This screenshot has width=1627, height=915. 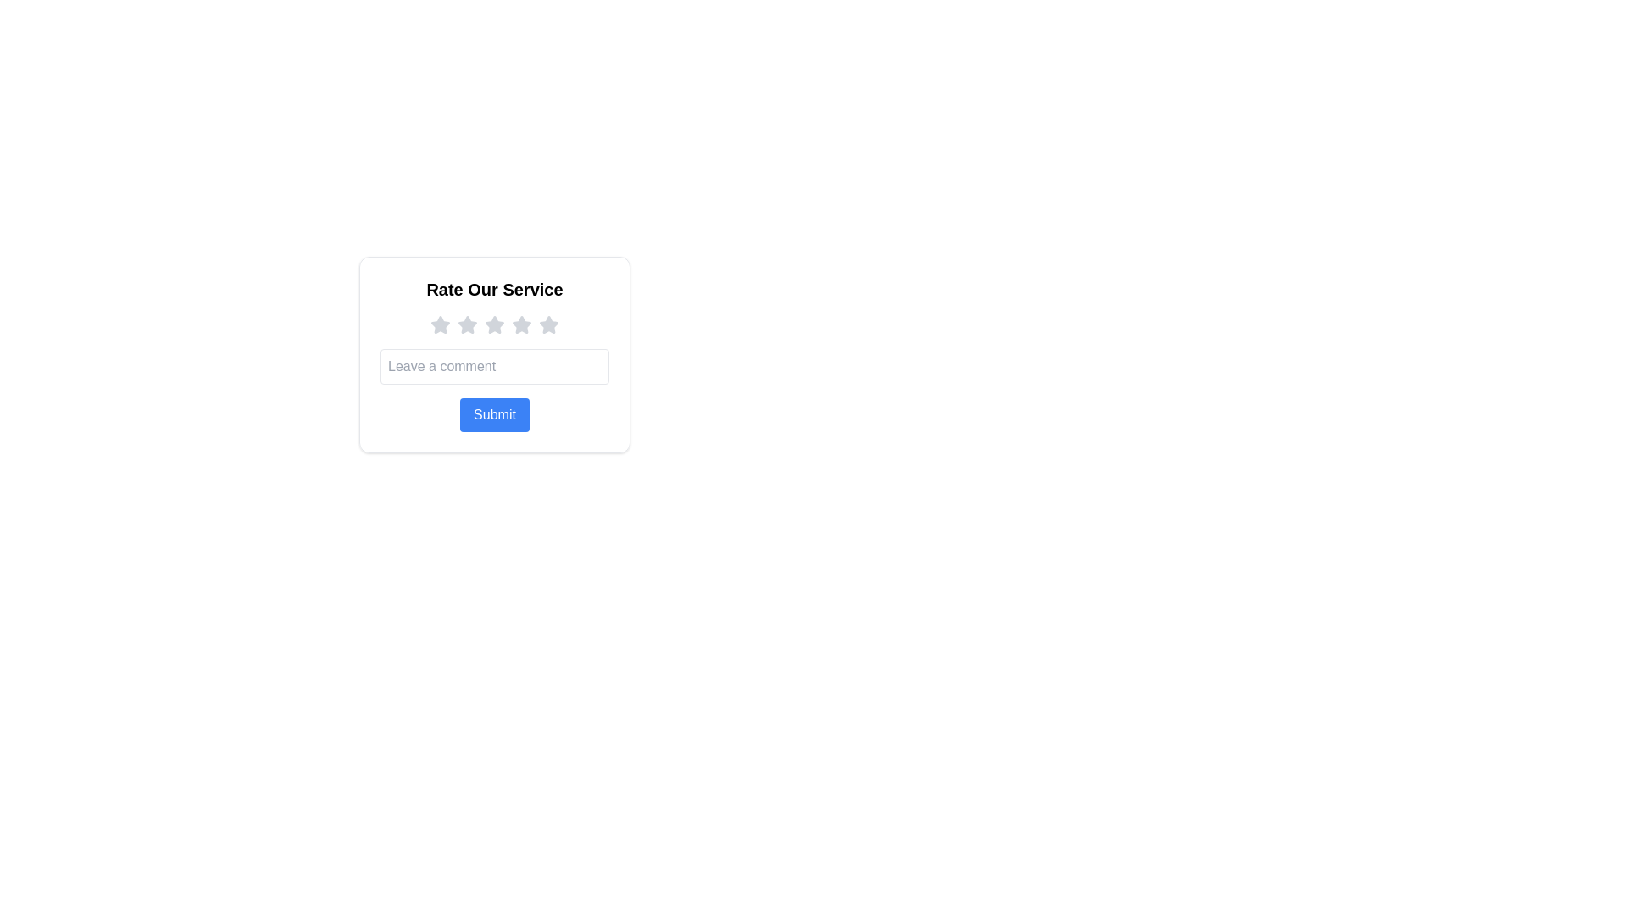 What do you see at coordinates (494, 289) in the screenshot?
I see `the Text label that serves as a title for the rating and feedback section, positioned at the top of the card layout` at bounding box center [494, 289].